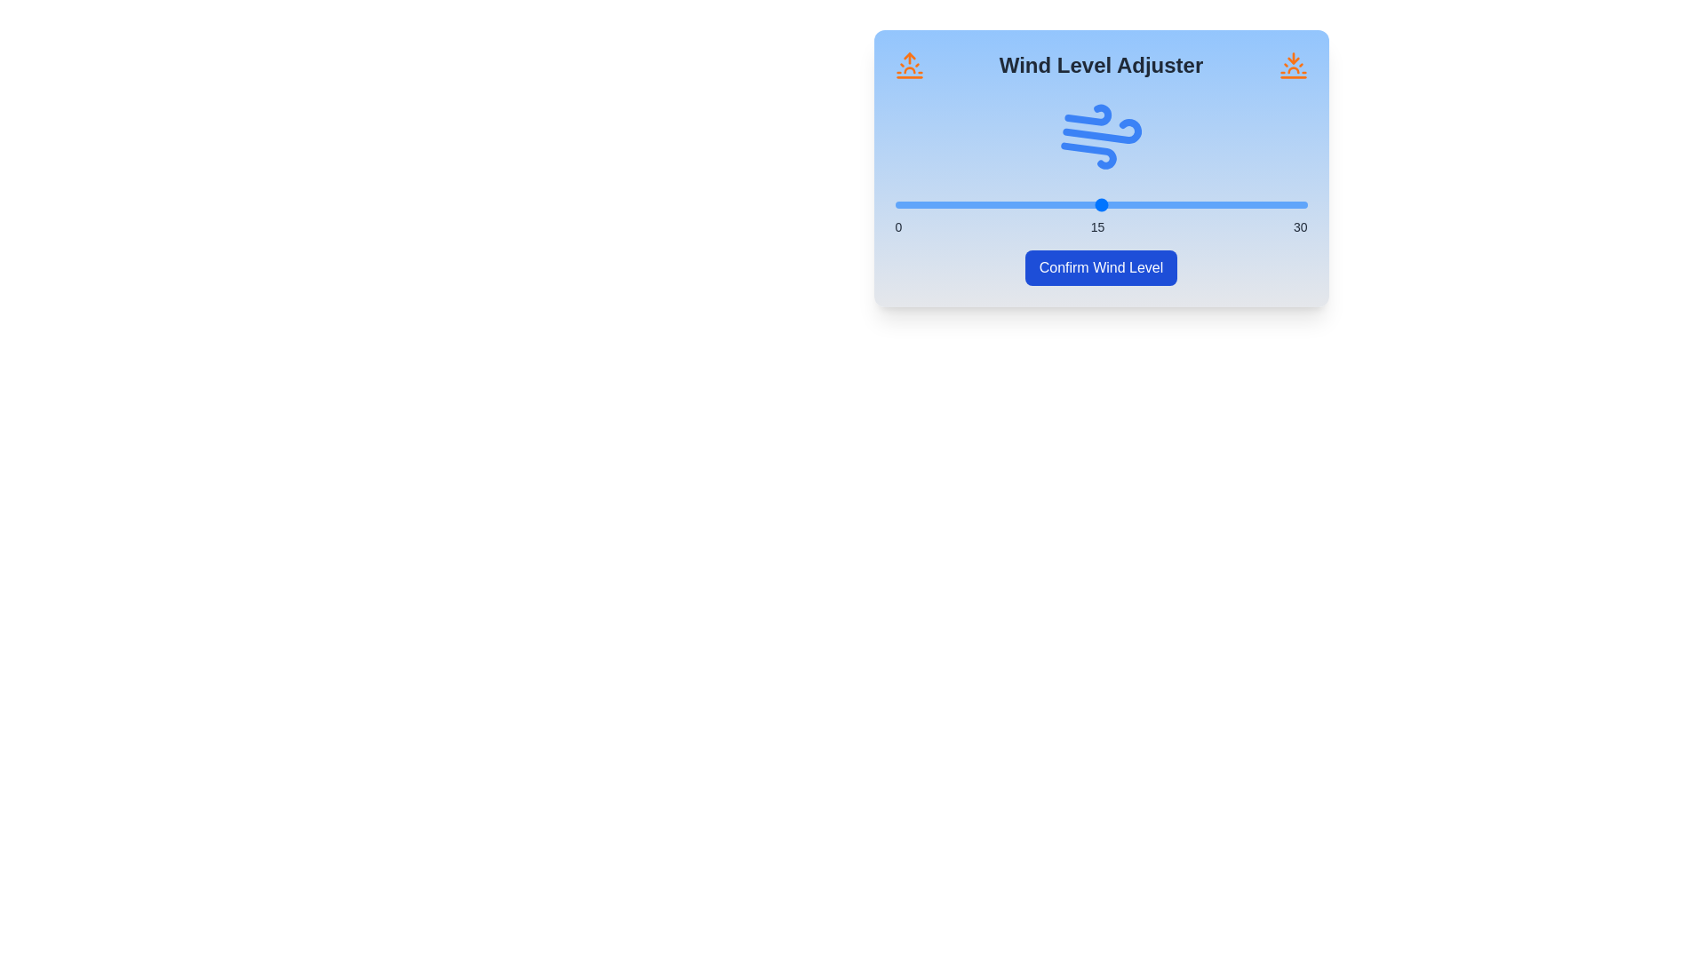  I want to click on the wind level to 27 by moving the slider, so click(1265, 204).